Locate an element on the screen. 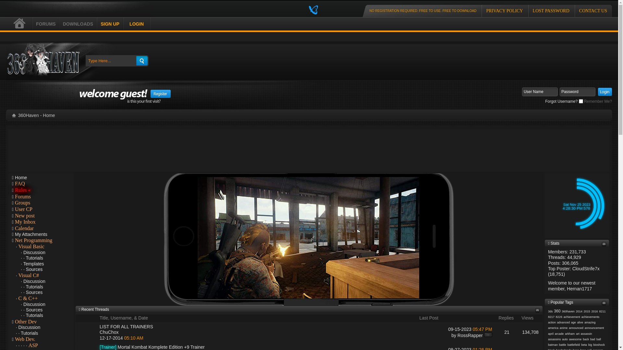 Image resolution: width=623 pixels, height=350 pixels. 'bad' is located at coordinates (592, 339).